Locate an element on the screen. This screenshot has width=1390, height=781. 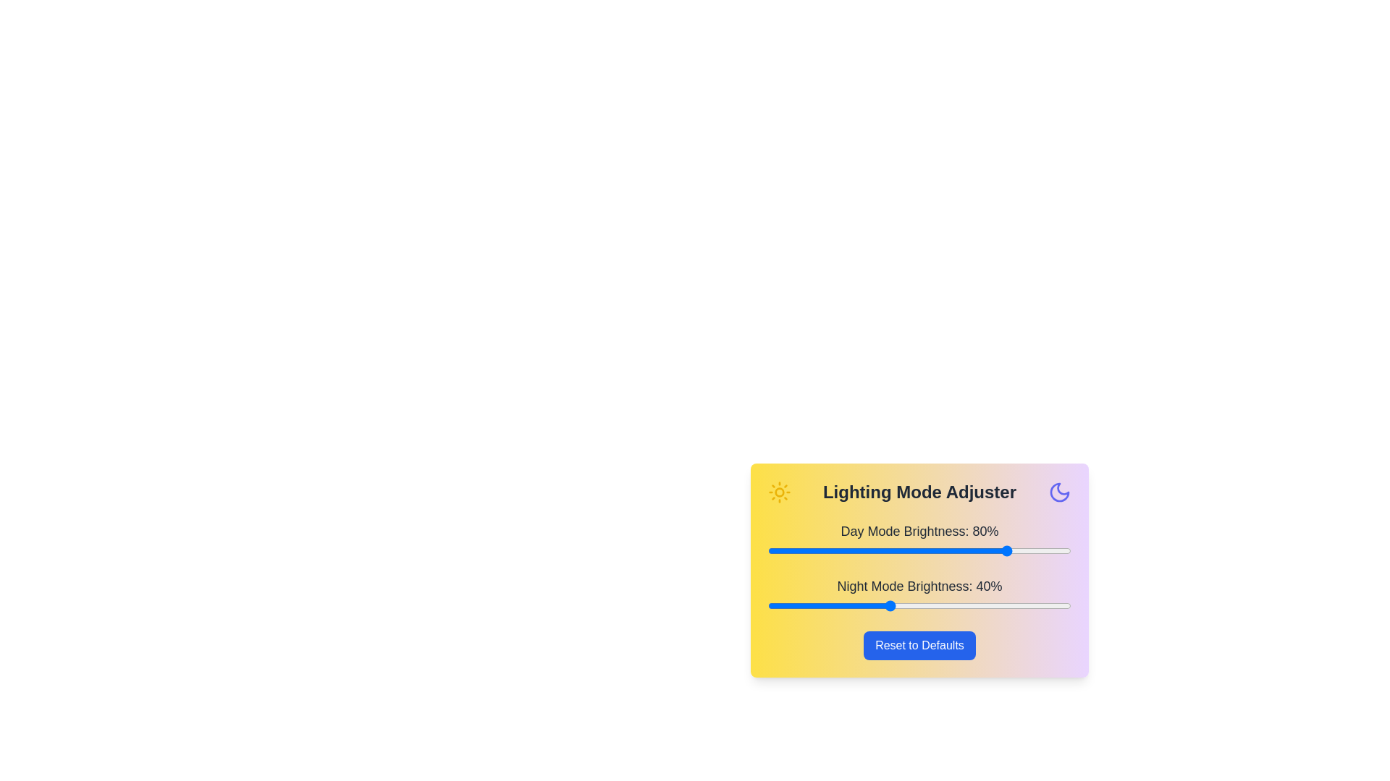
the night mode brightness slider to 5% is located at coordinates (782, 605).